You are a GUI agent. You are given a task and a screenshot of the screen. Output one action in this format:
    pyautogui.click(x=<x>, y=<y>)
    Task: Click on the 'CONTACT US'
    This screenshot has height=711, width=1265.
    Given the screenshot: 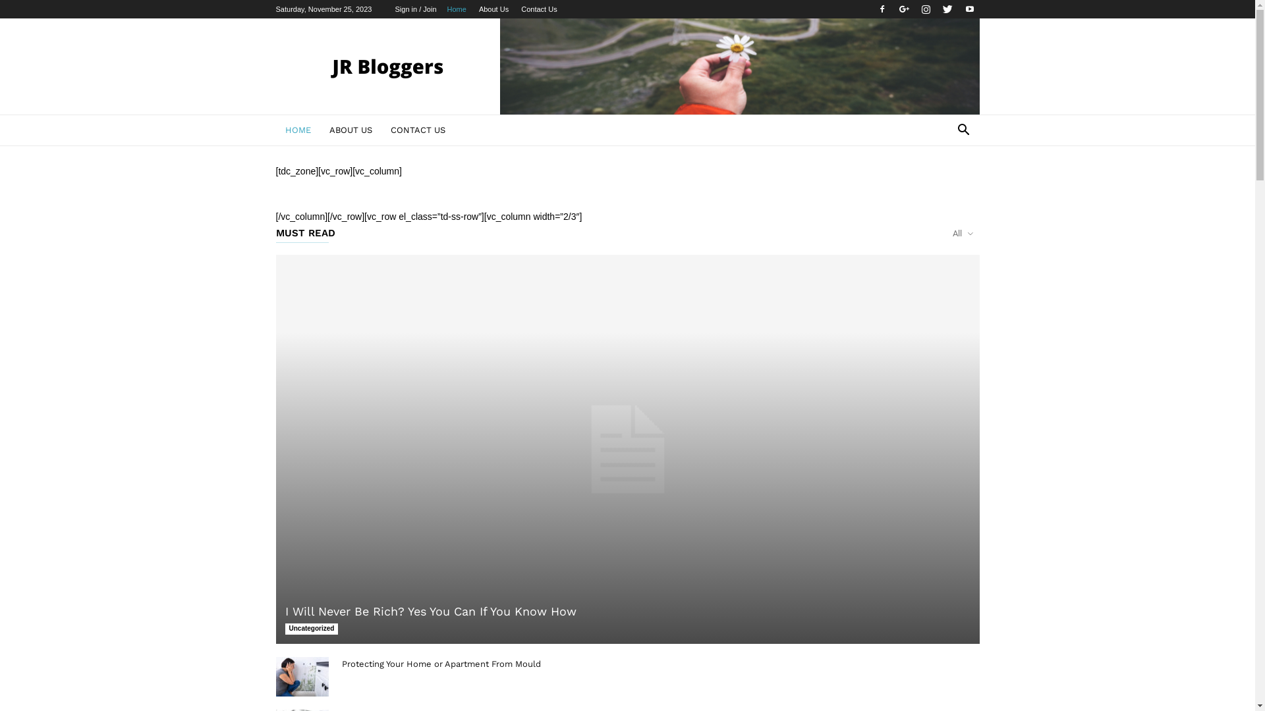 What is the action you would take?
    pyautogui.click(x=416, y=130)
    